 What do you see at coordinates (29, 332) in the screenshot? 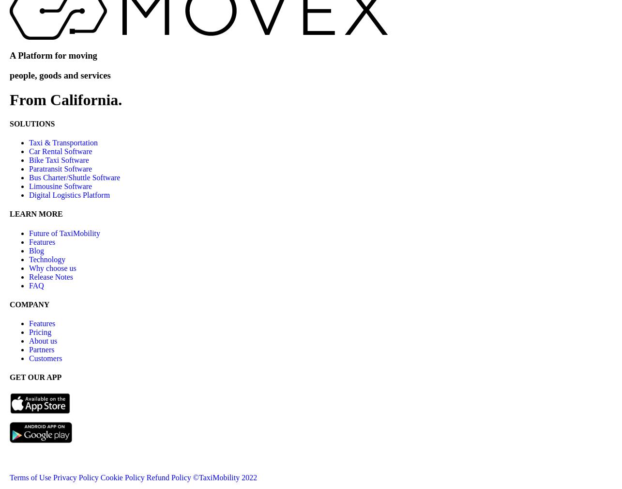
I see `'Pricing'` at bounding box center [29, 332].